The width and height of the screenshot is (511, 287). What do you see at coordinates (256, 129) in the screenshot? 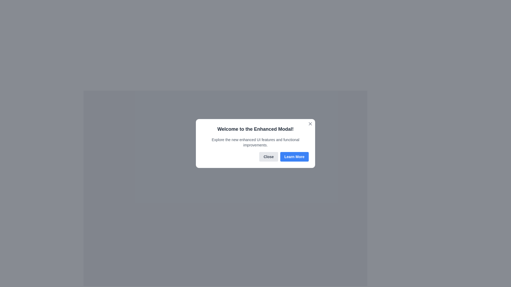
I see `text element displaying the message 'Welcome to the Enhanced Modal!' which is centrally aligned and located near the top of the modal dialog` at bounding box center [256, 129].